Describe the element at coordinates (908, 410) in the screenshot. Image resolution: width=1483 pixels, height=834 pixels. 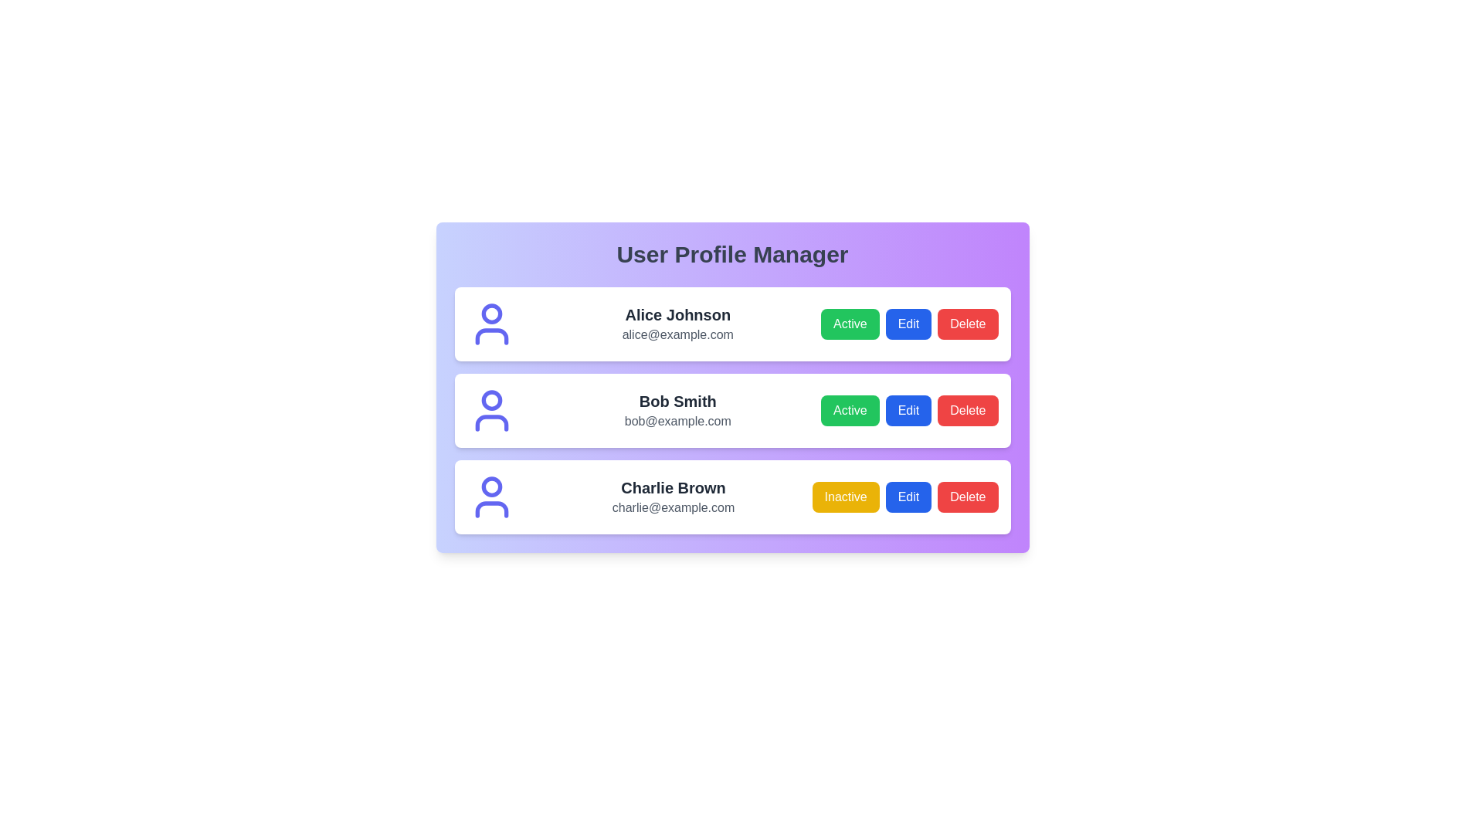
I see `'Edit' button for the profile of Bob Smith` at that location.